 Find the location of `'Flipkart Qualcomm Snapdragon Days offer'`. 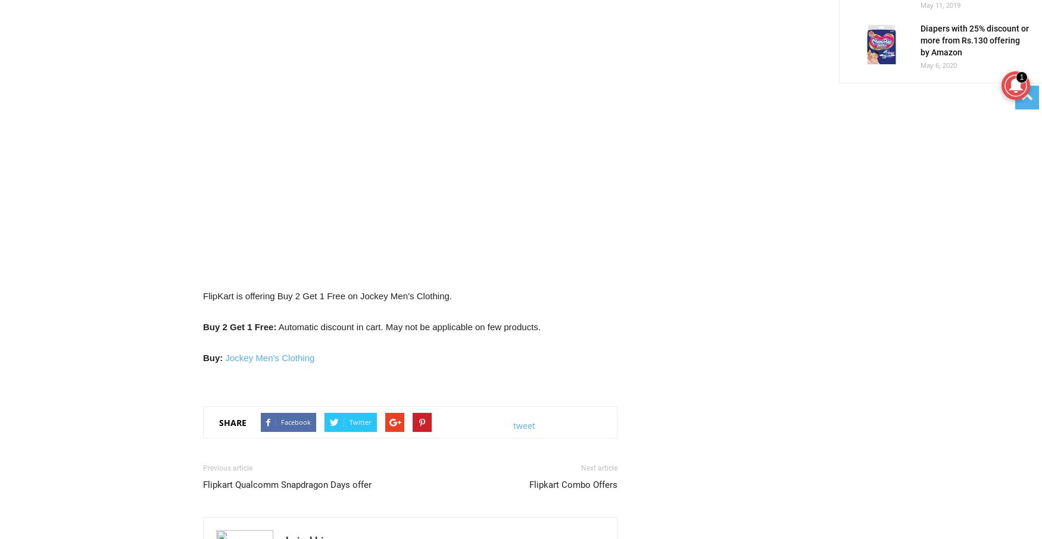

'Flipkart Qualcomm Snapdragon Days offer' is located at coordinates (287, 485).